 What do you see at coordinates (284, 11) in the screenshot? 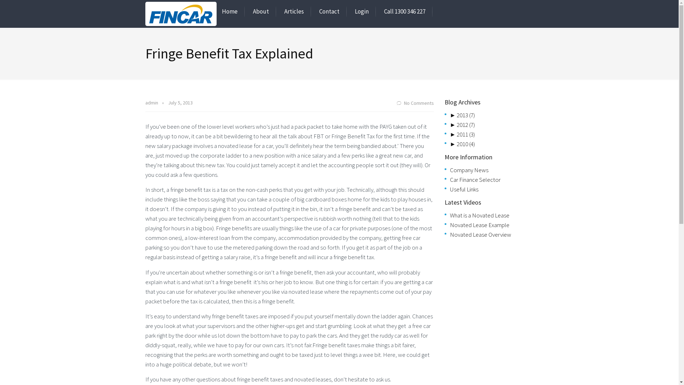
I see `'Articles'` at bounding box center [284, 11].